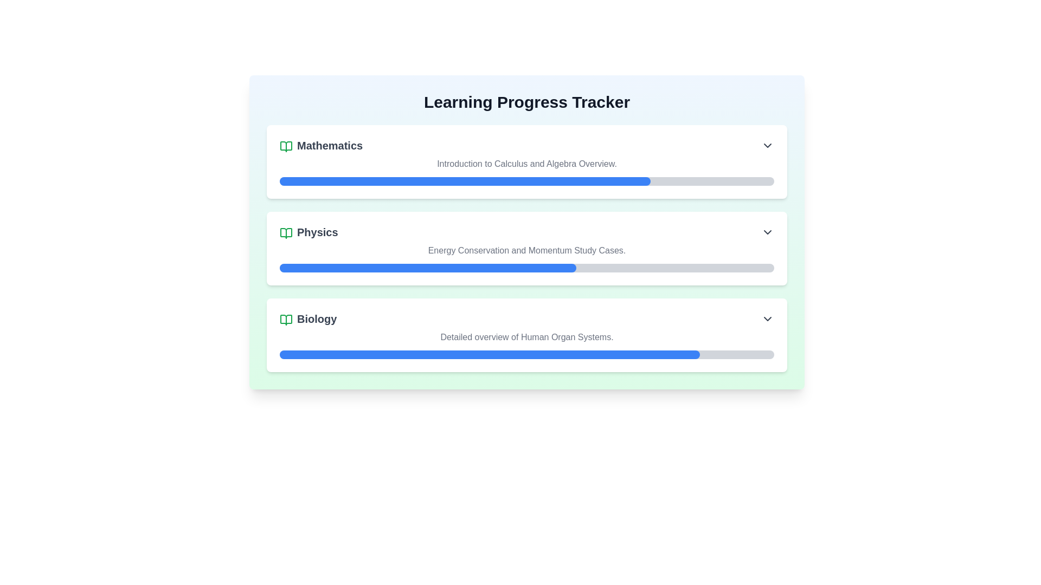  What do you see at coordinates (489, 355) in the screenshot?
I see `the filled portion of the horizontal progress bar located under the 'Biology' section of the application, which is filled with a solid blue color and has rounded ends` at bounding box center [489, 355].